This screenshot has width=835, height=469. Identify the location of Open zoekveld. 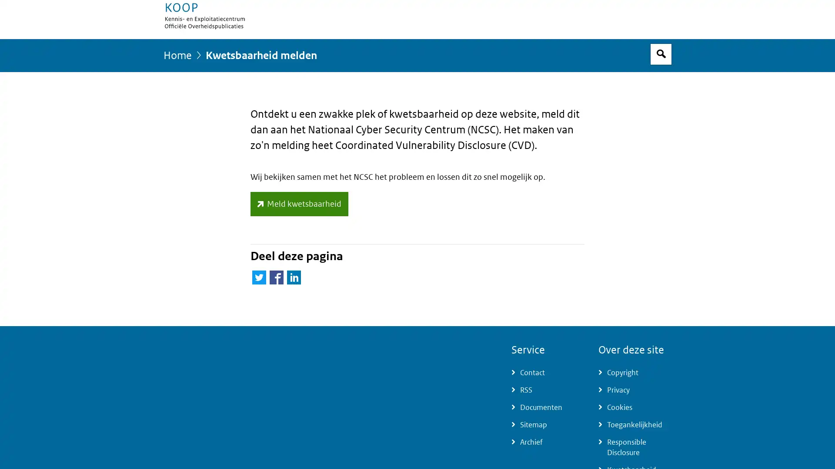
(661, 54).